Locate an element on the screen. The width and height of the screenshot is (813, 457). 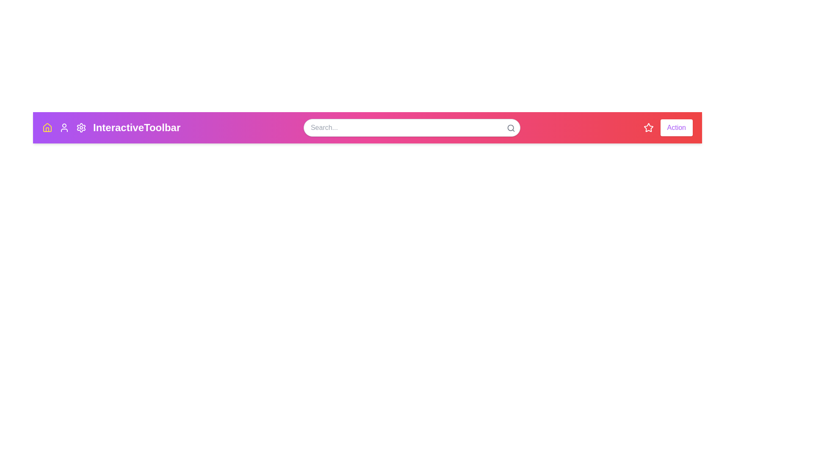
the search icon in the search bar is located at coordinates (510, 128).